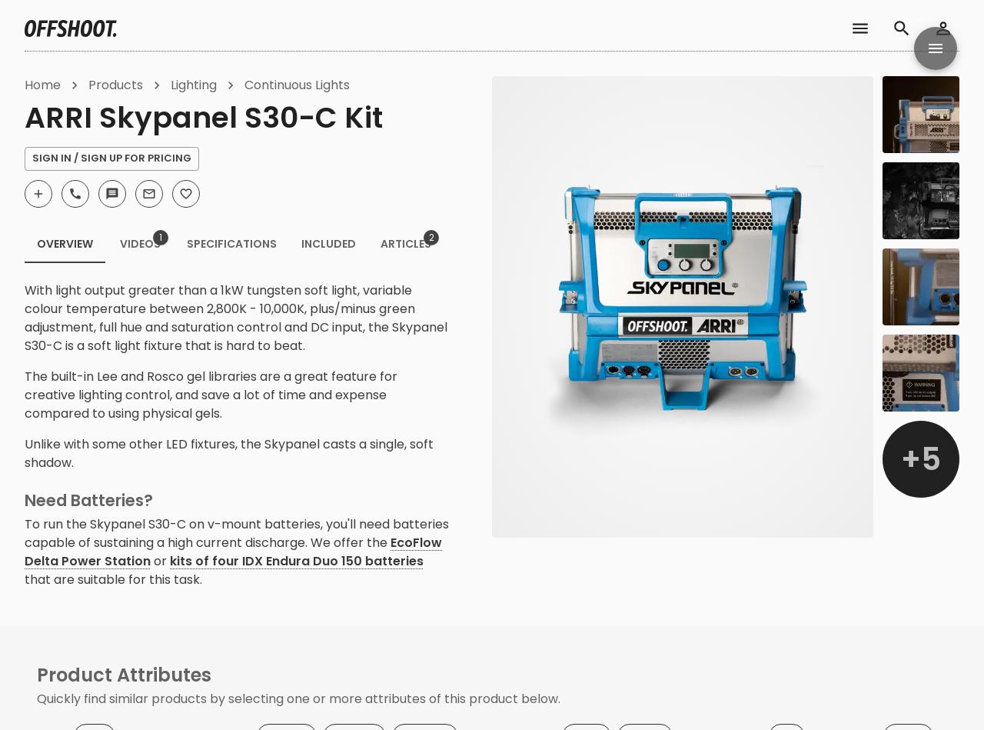 The width and height of the screenshot is (984, 730). What do you see at coordinates (37, 242) in the screenshot?
I see `'Overview'` at bounding box center [37, 242].